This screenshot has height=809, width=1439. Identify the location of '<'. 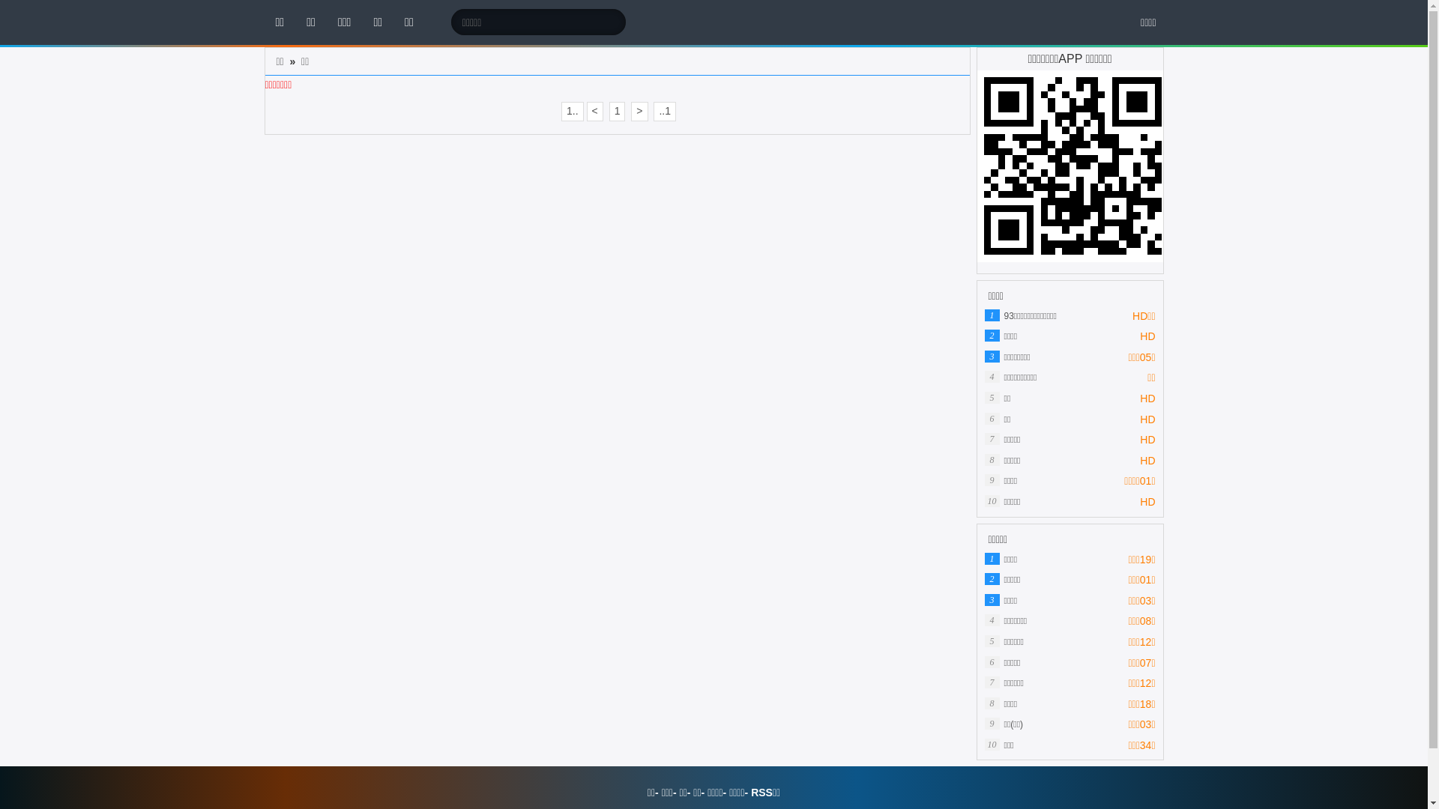
(585, 111).